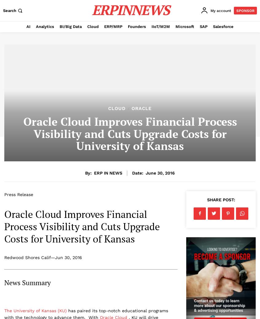 This screenshot has height=319, width=260. Describe the element at coordinates (141, 108) in the screenshot. I see `'Oracle'` at that location.